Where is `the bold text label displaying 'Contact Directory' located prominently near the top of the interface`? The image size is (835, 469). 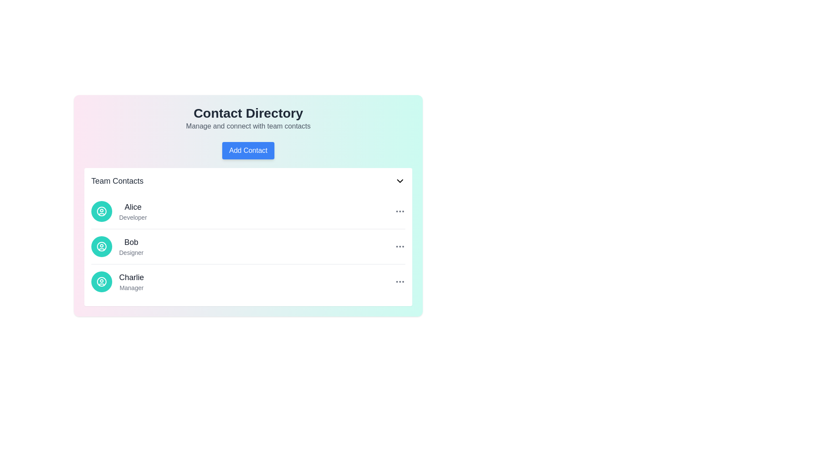 the bold text label displaying 'Contact Directory' located prominently near the top of the interface is located at coordinates (248, 113).